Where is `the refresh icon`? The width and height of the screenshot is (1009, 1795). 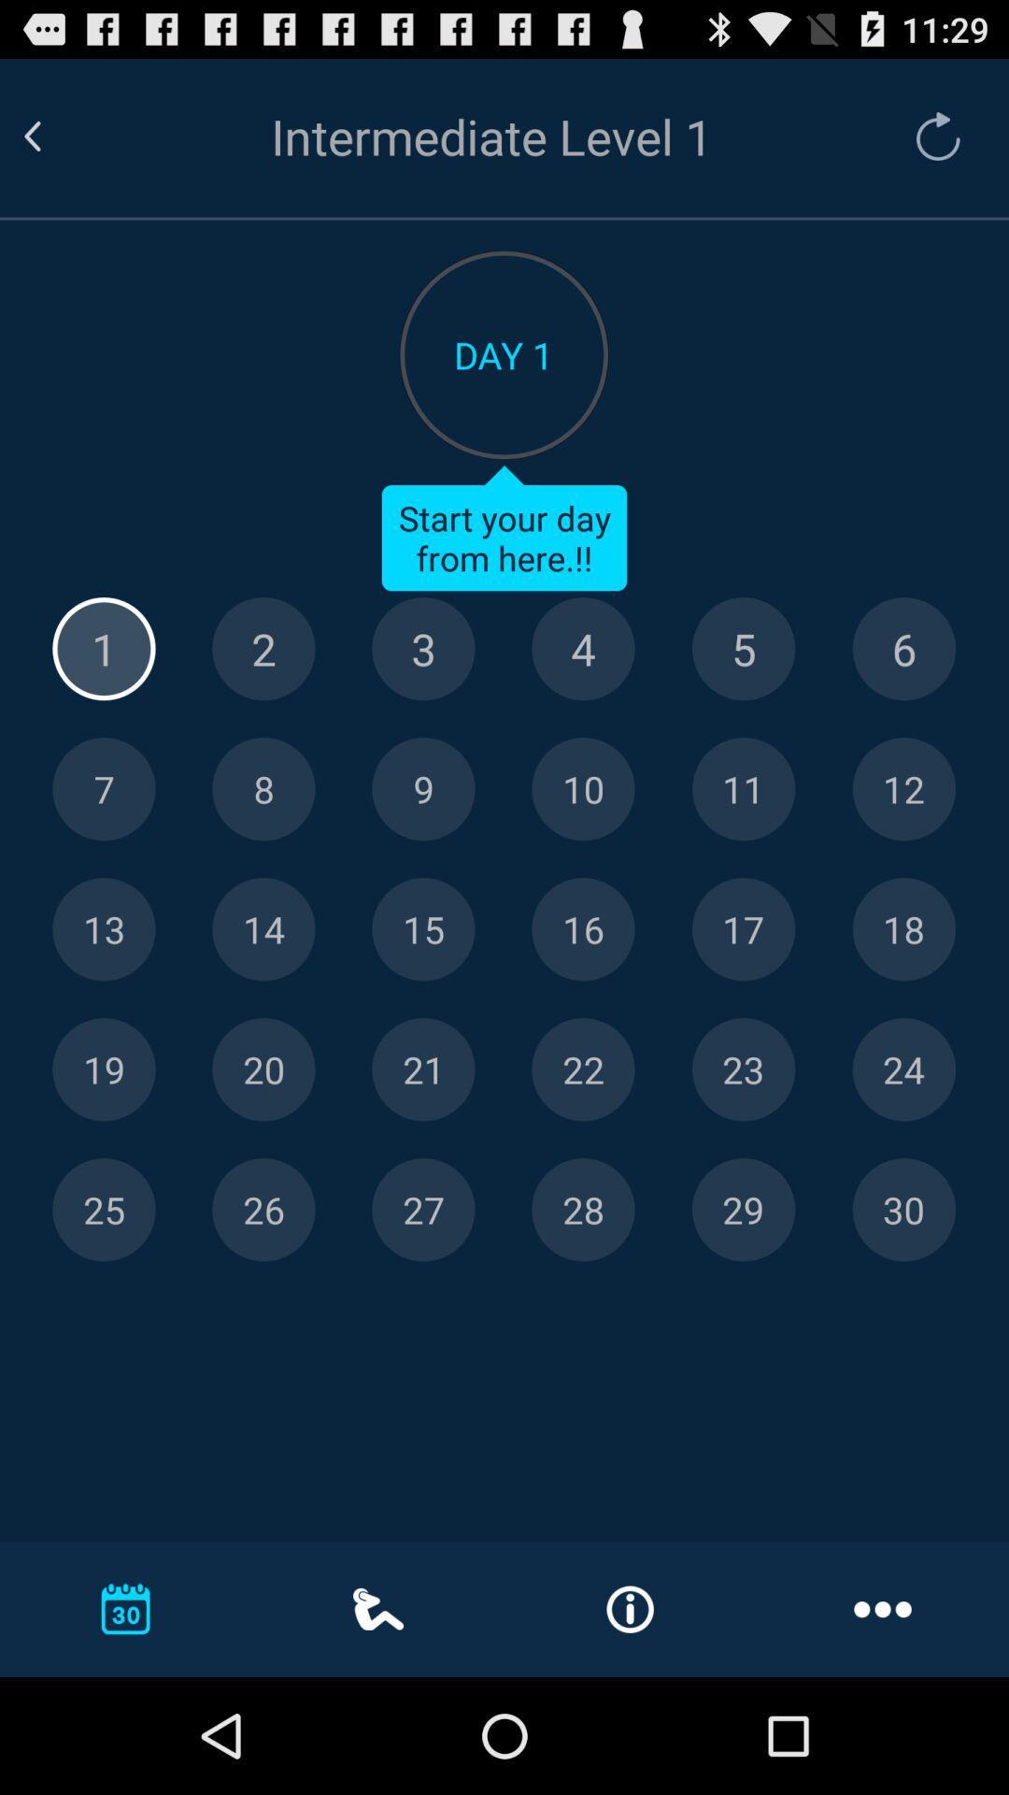
the refresh icon is located at coordinates (929, 145).